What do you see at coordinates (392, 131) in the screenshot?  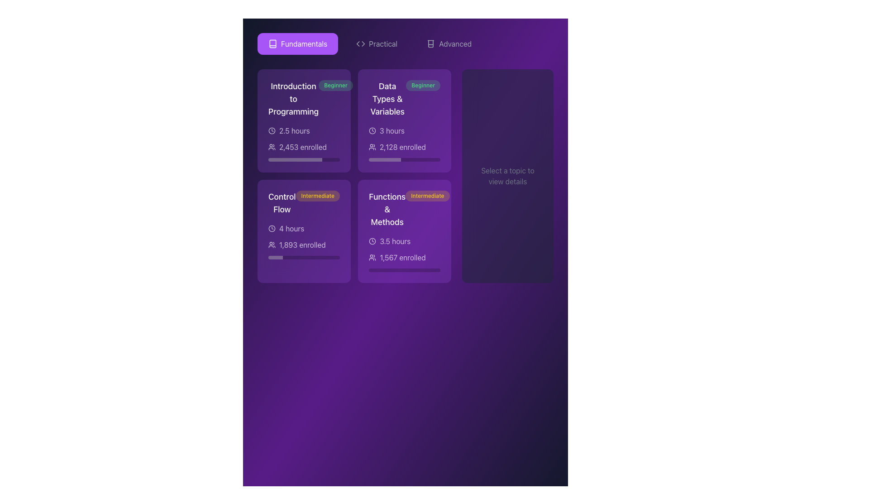 I see `the text label indicating a duration of 3 hours, associated with the 'Data Types & Variables' course, located to the right of the clock icon in the second row of the interface` at bounding box center [392, 131].